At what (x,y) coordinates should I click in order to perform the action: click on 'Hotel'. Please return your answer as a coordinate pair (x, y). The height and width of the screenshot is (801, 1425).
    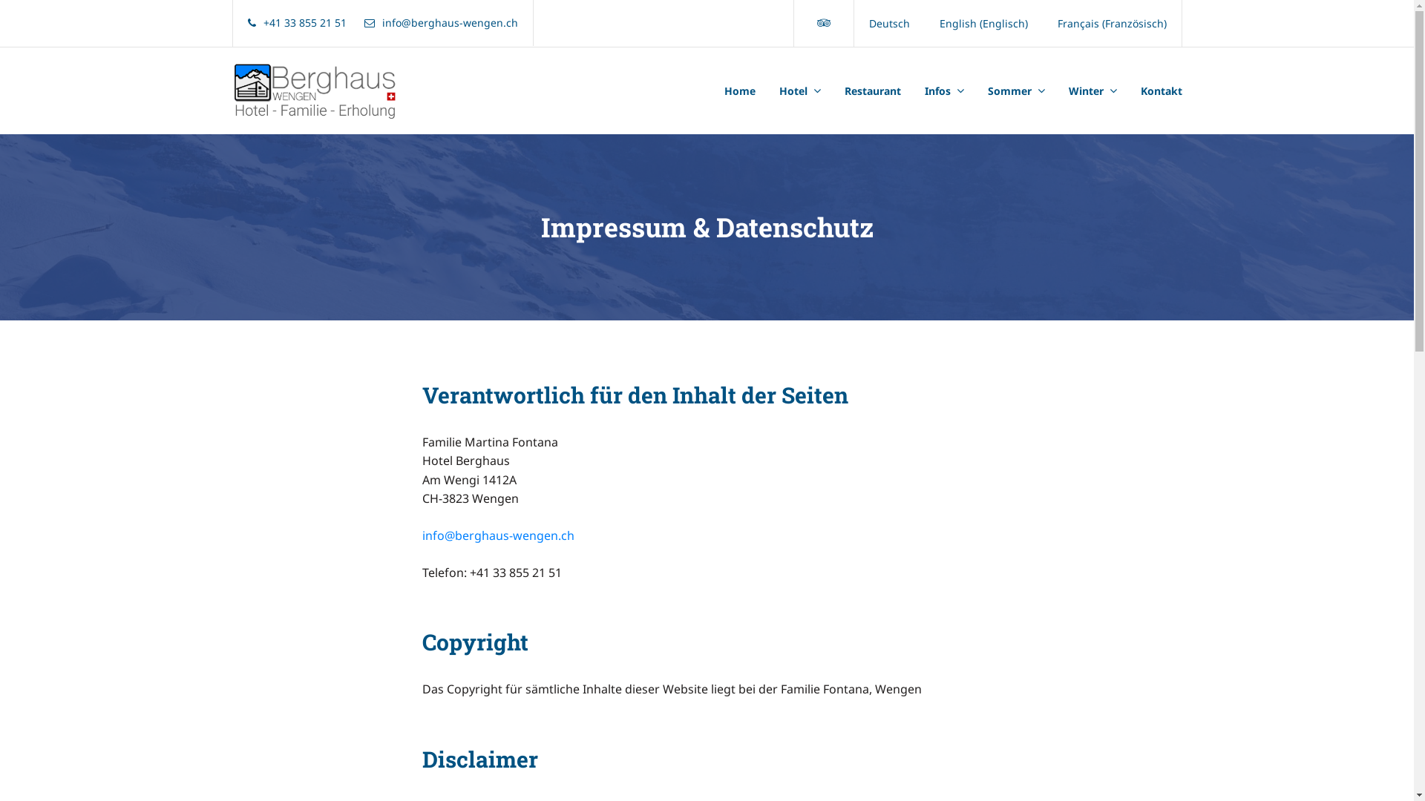
    Looking at the image, I should click on (767, 91).